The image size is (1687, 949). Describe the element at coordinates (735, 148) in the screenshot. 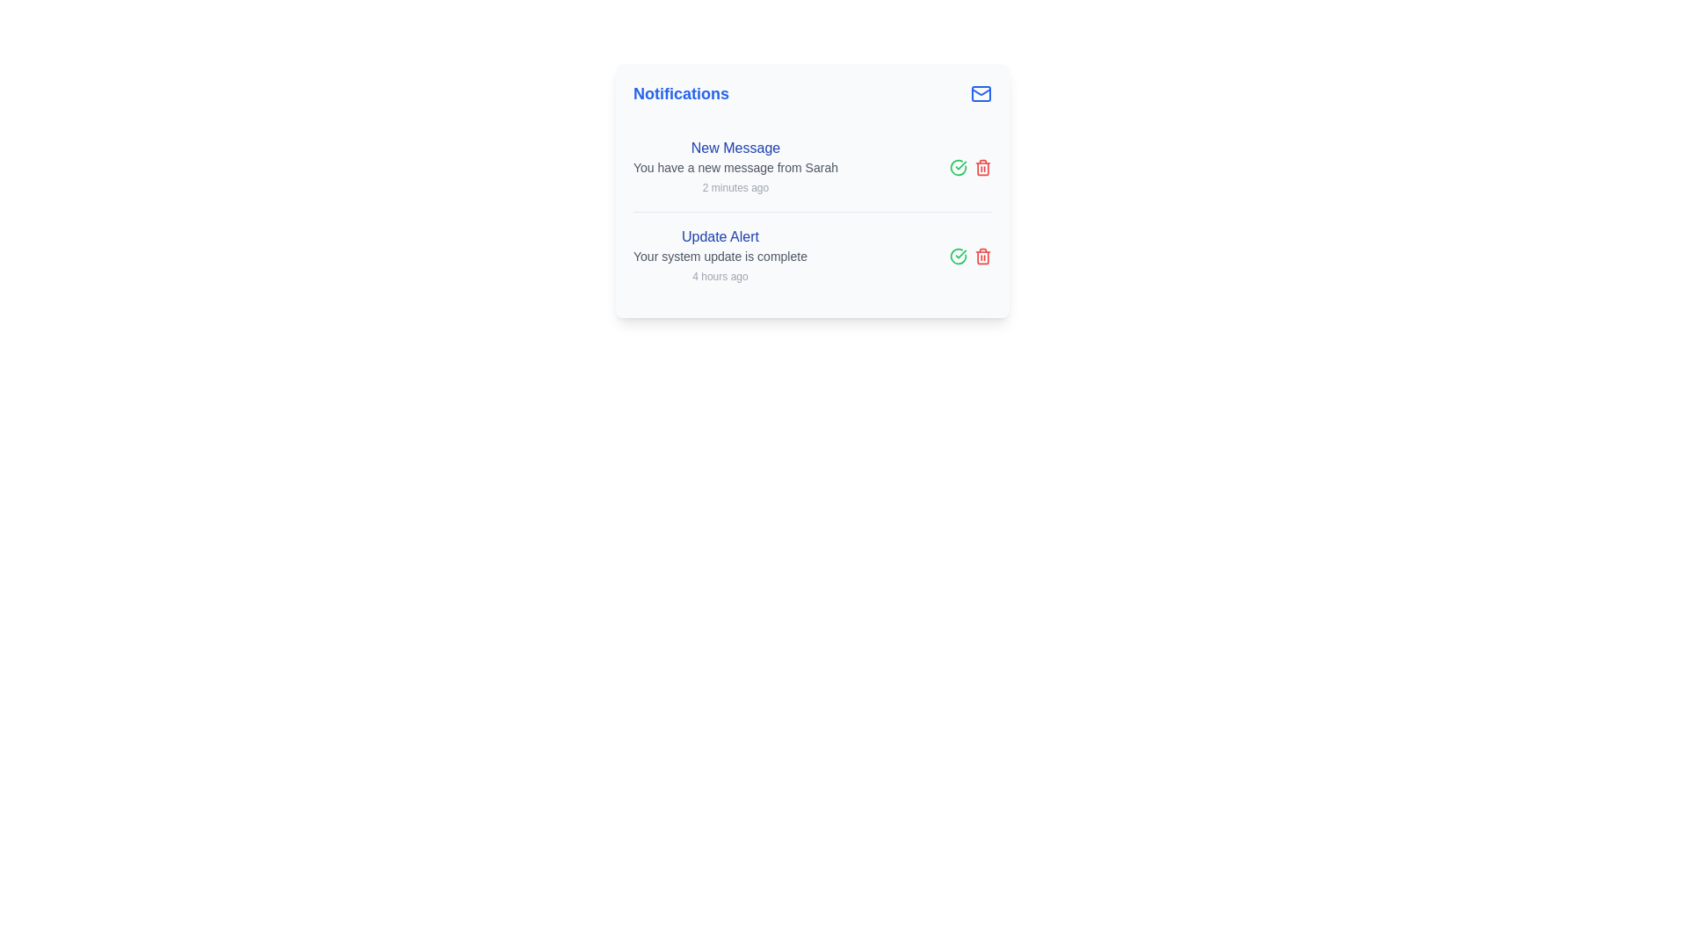

I see `text label that serves as the title for the notification message, located at the top of the notification panel, above the message from Sarah` at that location.